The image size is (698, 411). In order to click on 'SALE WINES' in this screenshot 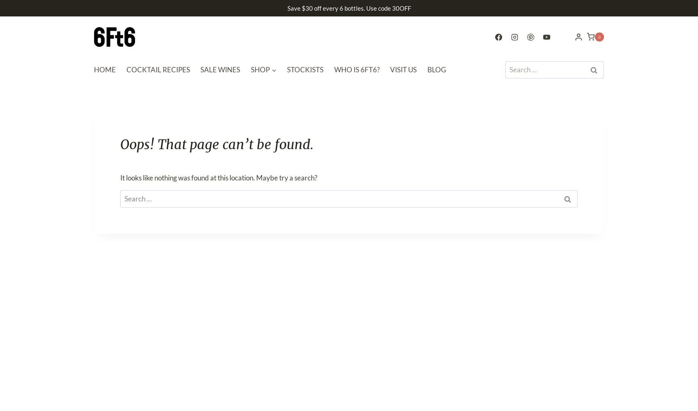, I will do `click(220, 69)`.